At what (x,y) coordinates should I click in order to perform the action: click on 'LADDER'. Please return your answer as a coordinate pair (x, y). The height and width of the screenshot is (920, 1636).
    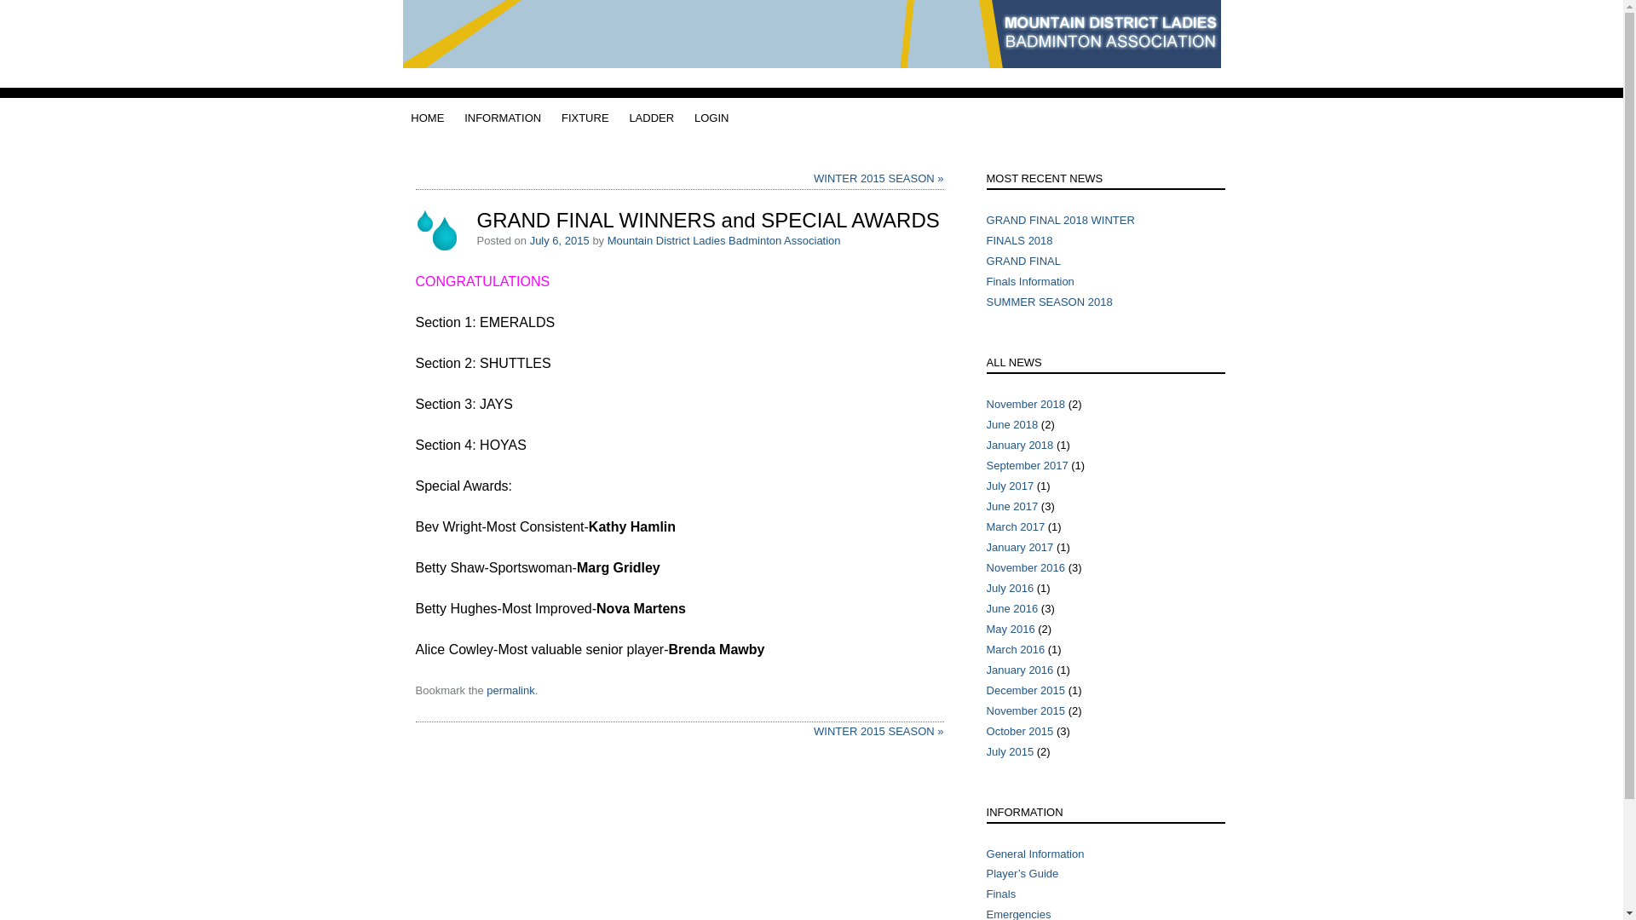
    Looking at the image, I should click on (628, 117).